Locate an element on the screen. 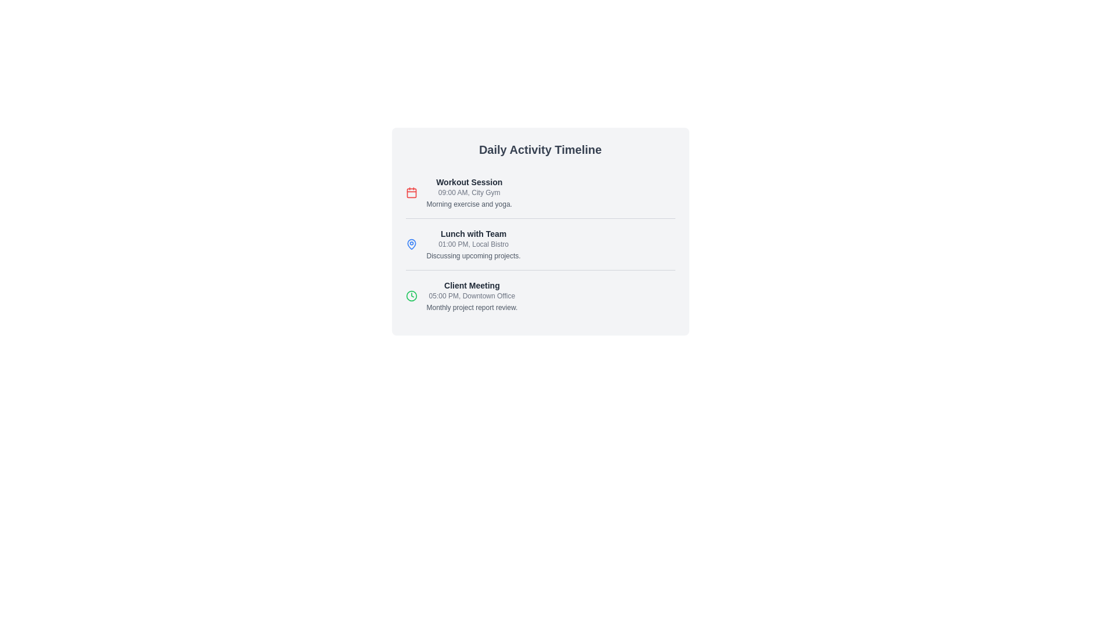 The width and height of the screenshot is (1115, 627). the small red calendar icon located to the left of the text 'Workout Session', '09:00 AM, City Gym', and 'Morning exercise and yoga.' in the 'Daily Activity Timeline' is located at coordinates (411, 192).